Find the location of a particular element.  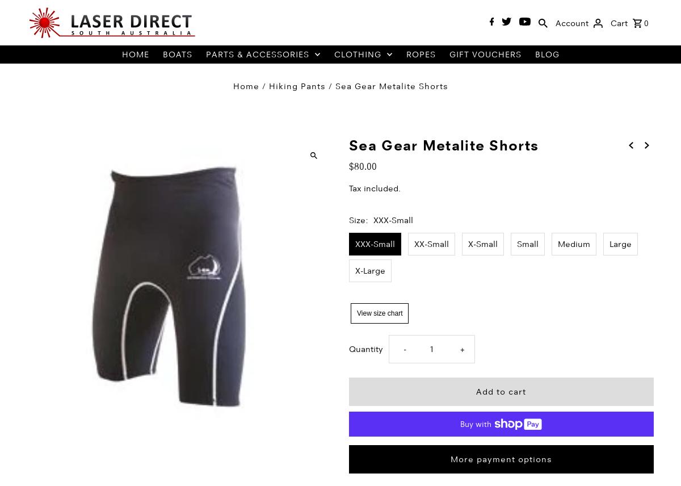

'Account' is located at coordinates (572, 23).